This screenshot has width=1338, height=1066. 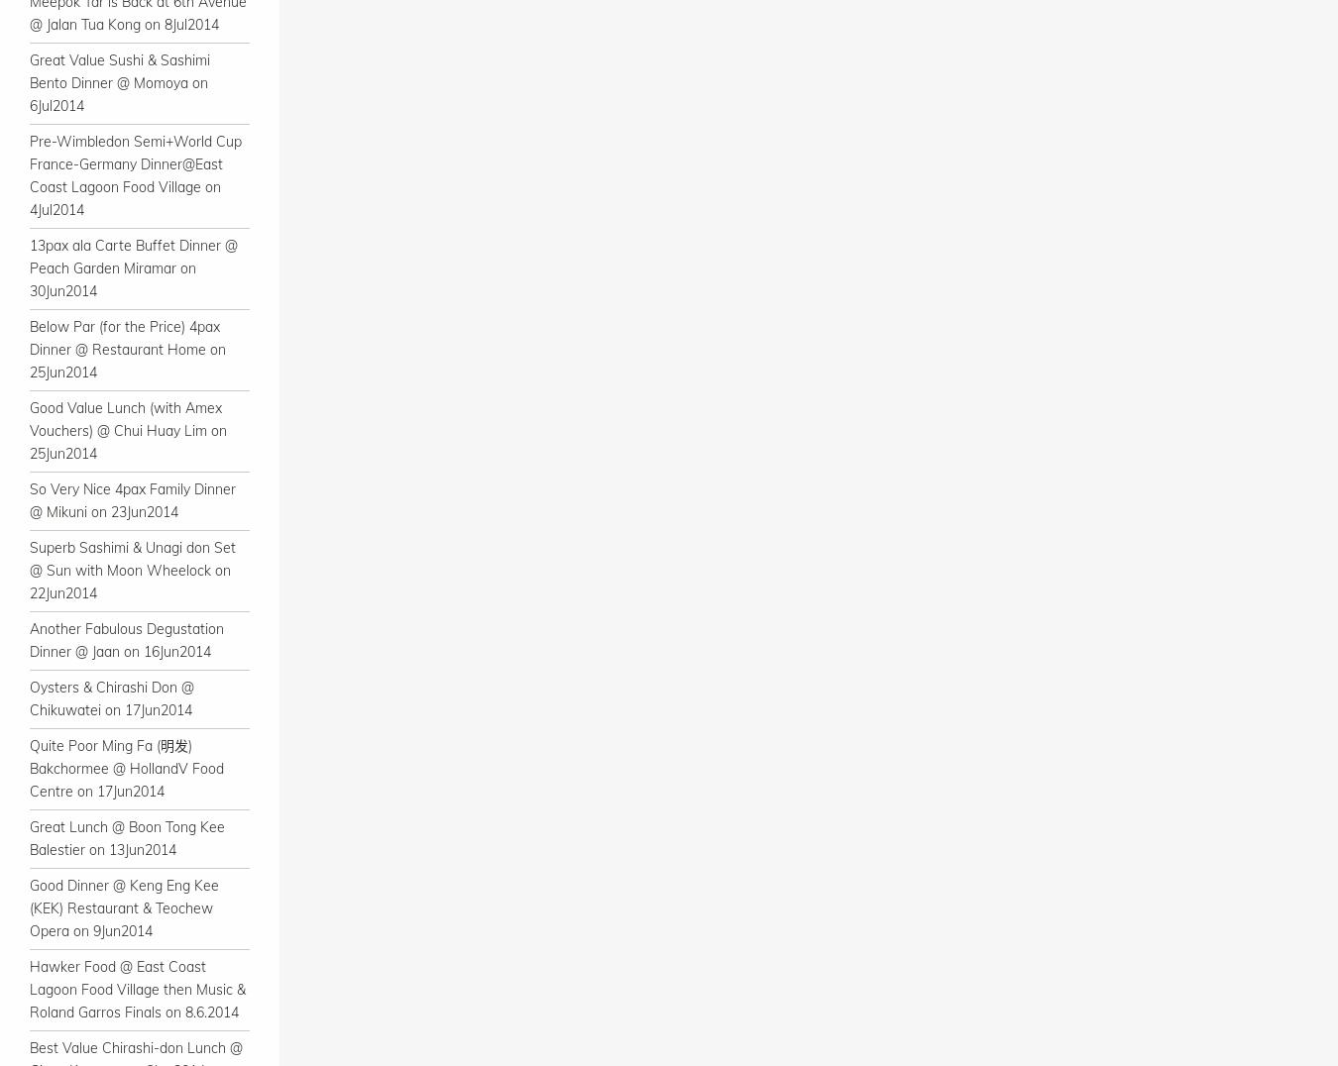 What do you see at coordinates (28, 837) in the screenshot?
I see `'Great Lunch @ Boon Tong Kee Balestier on 13Jun2014'` at bounding box center [28, 837].